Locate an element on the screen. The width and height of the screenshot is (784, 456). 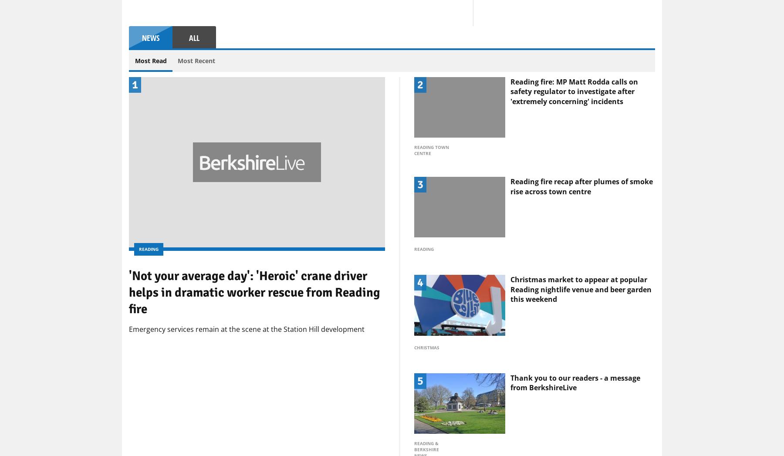
''Not your average day': 'Heroic' crane driver helps in dramatic worker rescue from Reading fire' is located at coordinates (254, 362).